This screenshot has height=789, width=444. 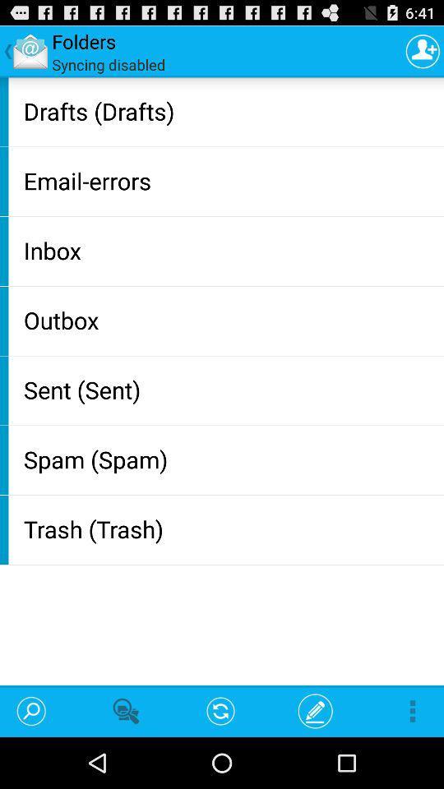 I want to click on the sent (sent), so click(x=229, y=390).